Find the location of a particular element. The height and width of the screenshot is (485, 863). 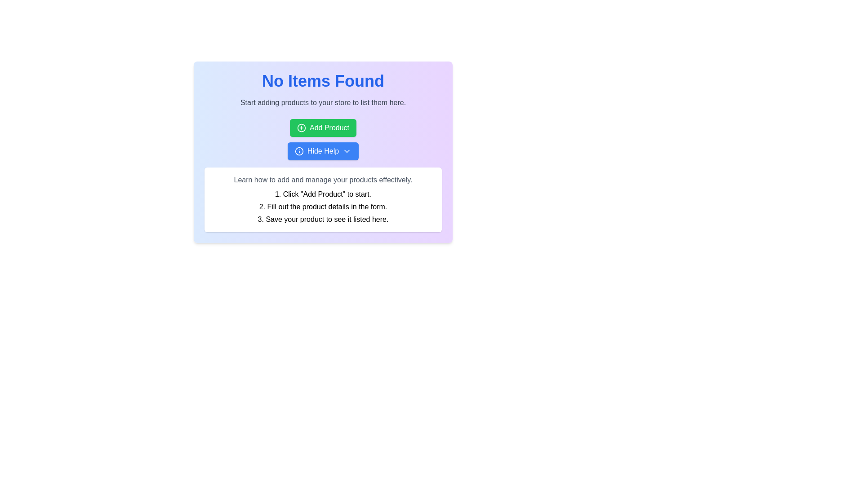

the 'Add Product' button located in the dual-action widget beneath the 'No Items Found' title is located at coordinates (323, 140).